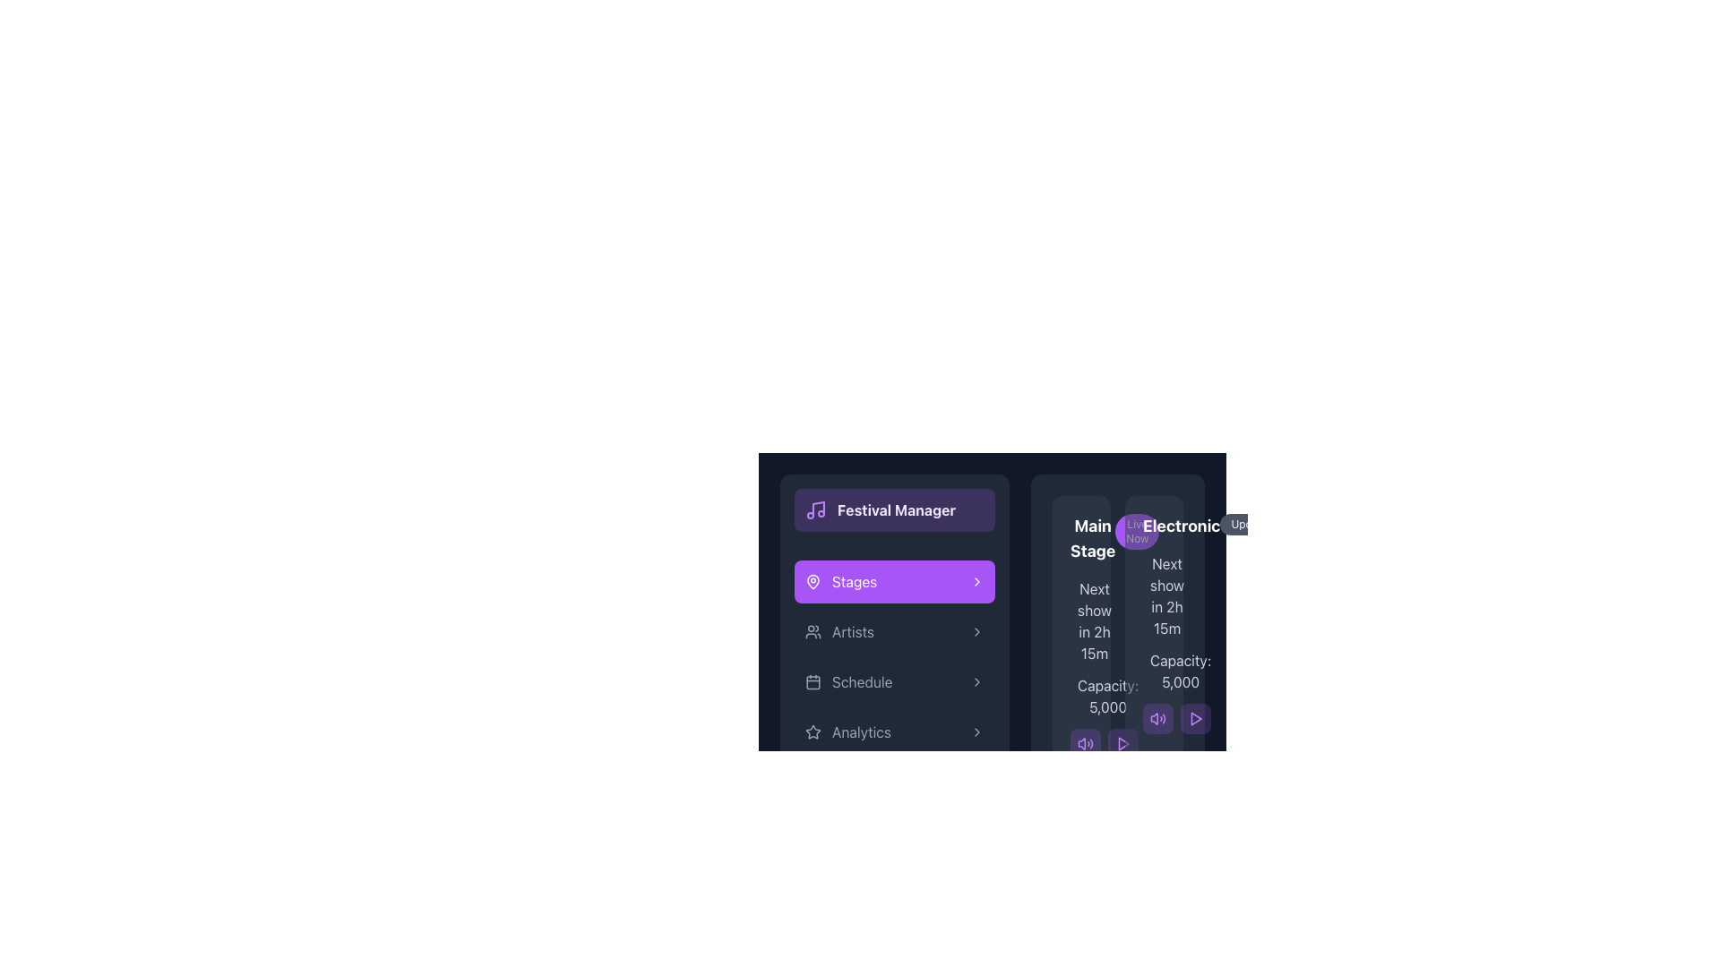  I want to click on the mute or volume control button located below the 'Capacity: 5,000' text in the 'Main Stage' section, so click(1080, 743).